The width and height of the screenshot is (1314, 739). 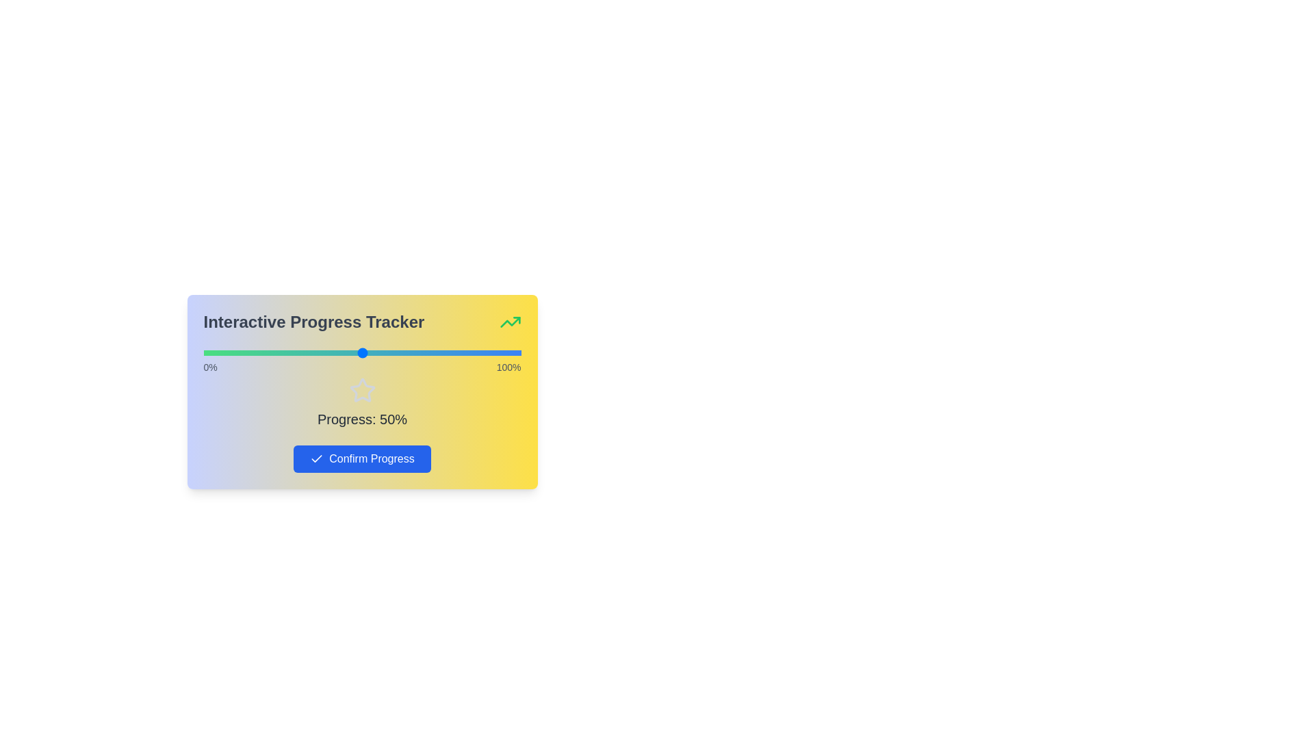 What do you see at coordinates (454, 352) in the screenshot?
I see `the progress slider to 79%` at bounding box center [454, 352].